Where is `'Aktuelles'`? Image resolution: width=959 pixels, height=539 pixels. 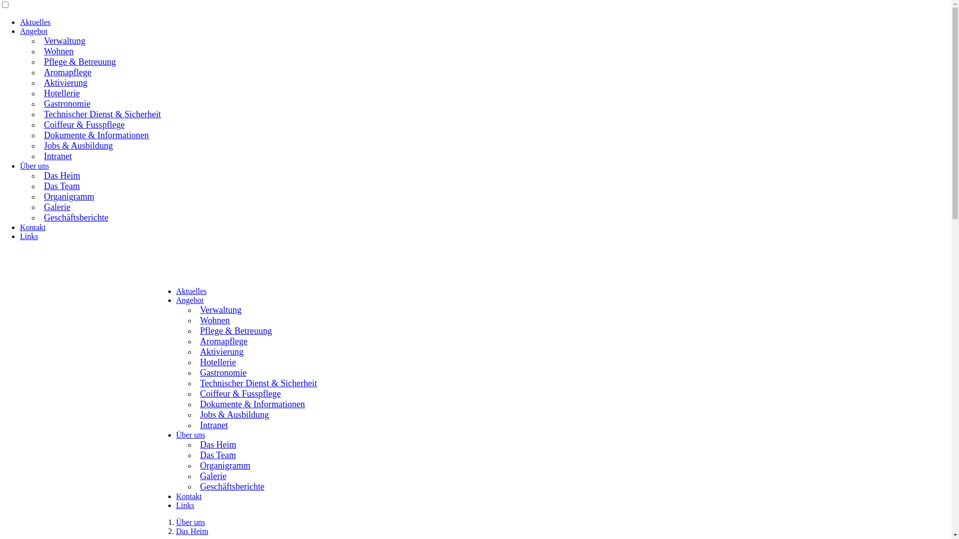
'Aktuelles' is located at coordinates (35, 22).